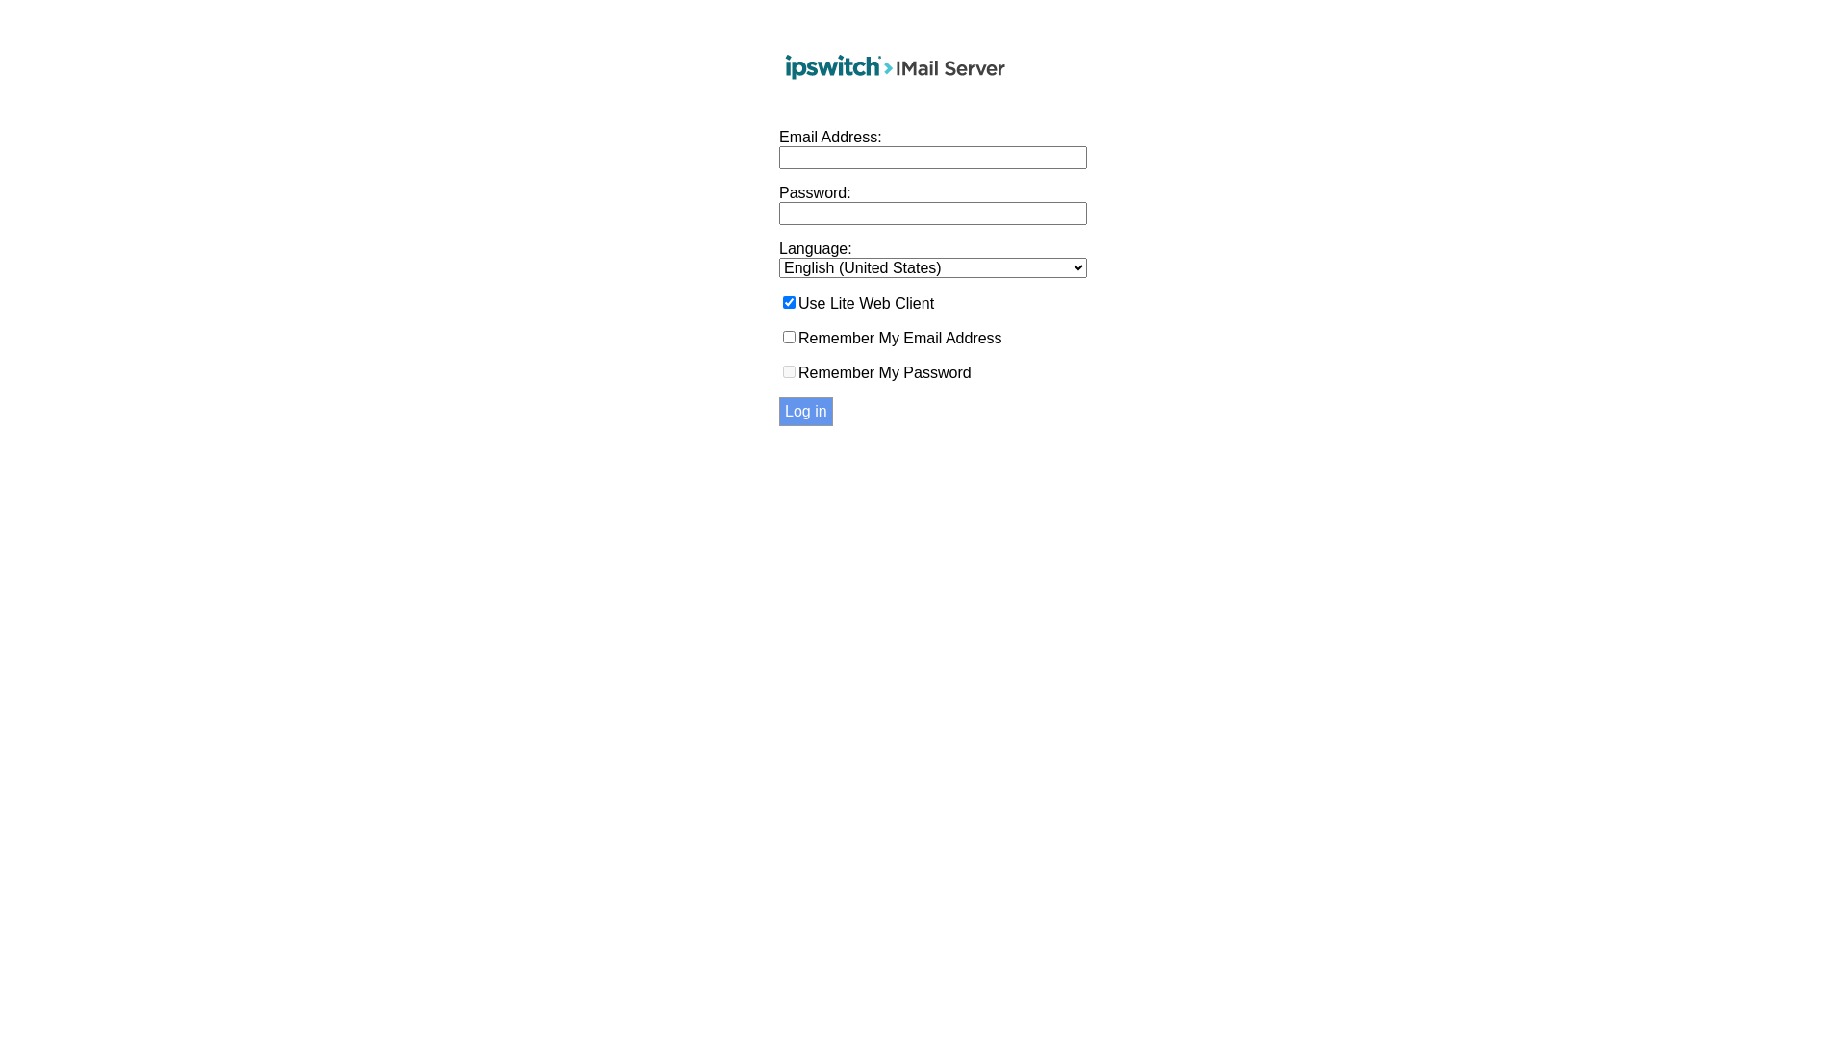 Image resolution: width=1847 pixels, height=1039 pixels. What do you see at coordinates (789, 336) in the screenshot?
I see `'on'` at bounding box center [789, 336].